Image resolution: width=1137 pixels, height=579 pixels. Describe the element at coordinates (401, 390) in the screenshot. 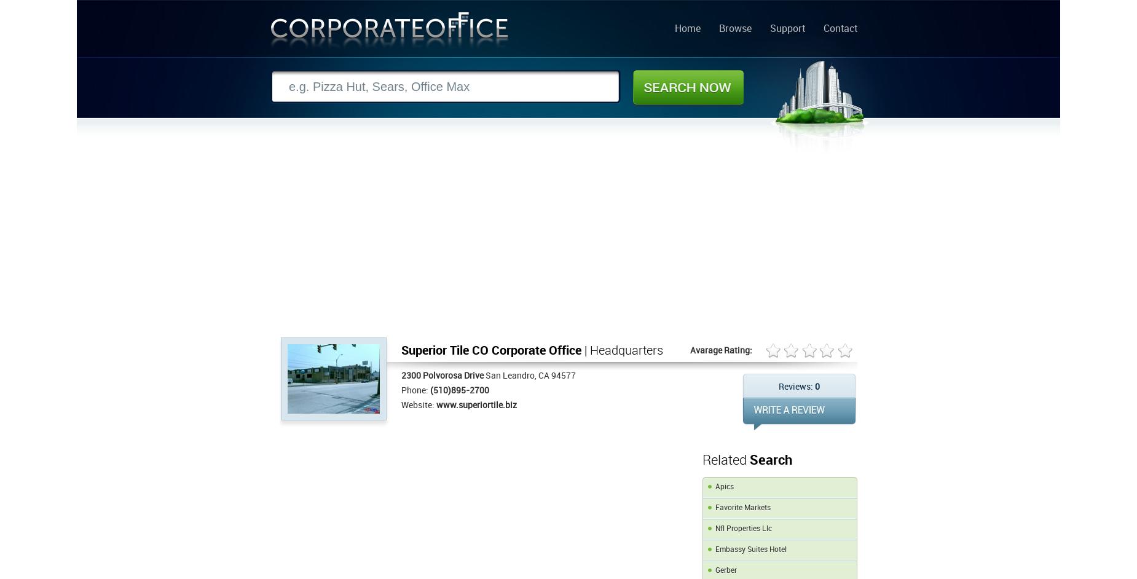

I see `'Phone:'` at that location.